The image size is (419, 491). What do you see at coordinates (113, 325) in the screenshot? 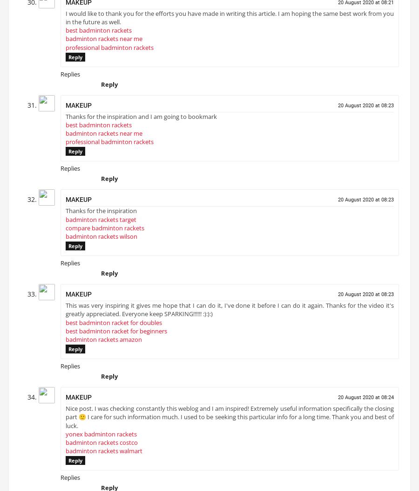
I see `'best badminton racket for doubles'` at bounding box center [113, 325].